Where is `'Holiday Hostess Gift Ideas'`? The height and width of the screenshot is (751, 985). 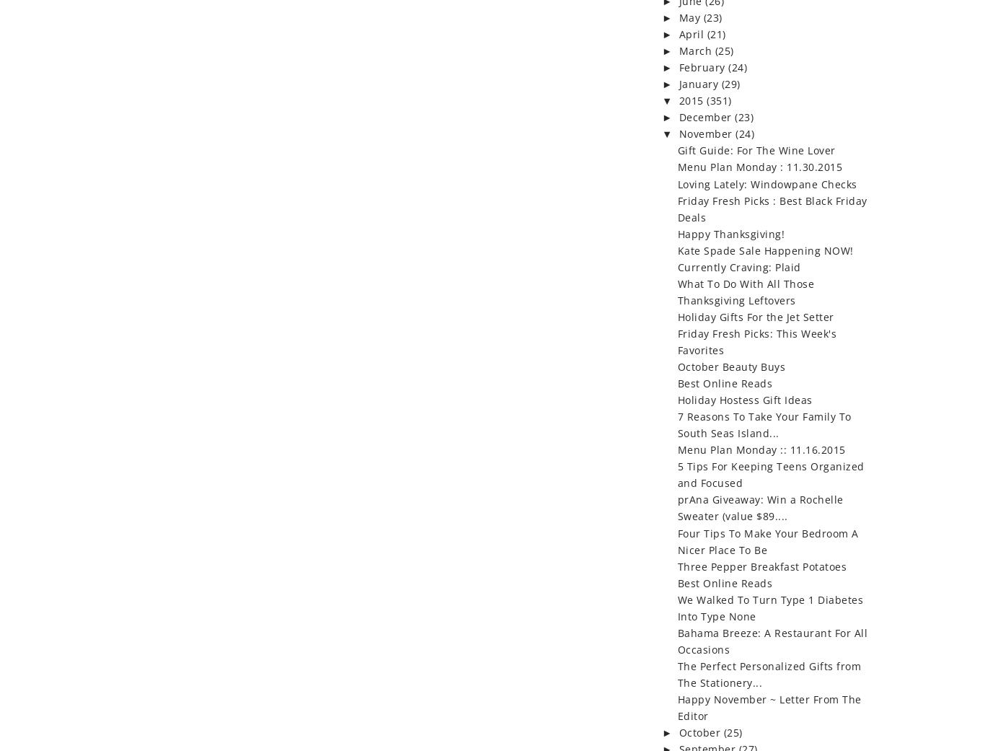
'Holiday Hostess Gift Ideas' is located at coordinates (743, 400).